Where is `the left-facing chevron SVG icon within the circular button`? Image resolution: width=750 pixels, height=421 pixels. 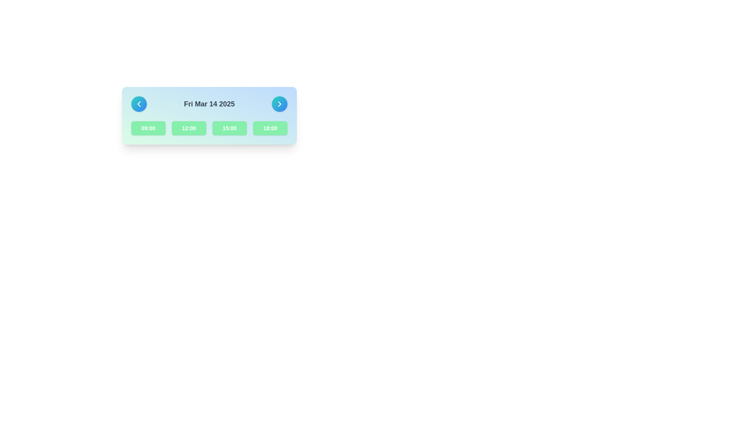
the left-facing chevron SVG icon within the circular button is located at coordinates (139, 103).